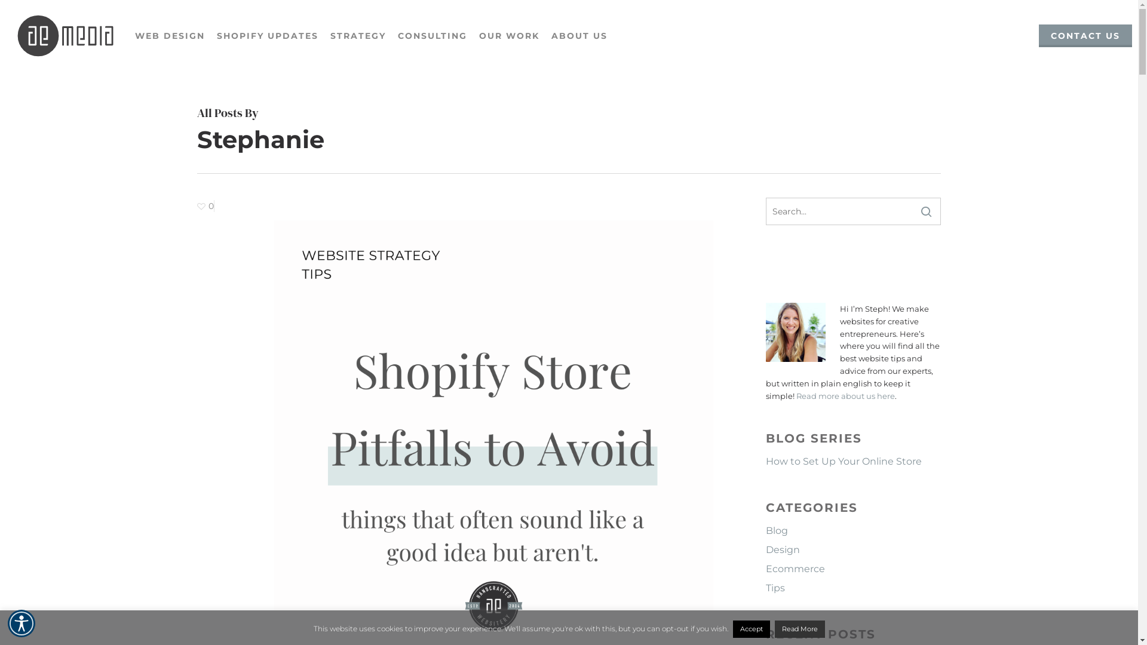  I want to click on 'How to Set Up Your Online Store', so click(852, 460).